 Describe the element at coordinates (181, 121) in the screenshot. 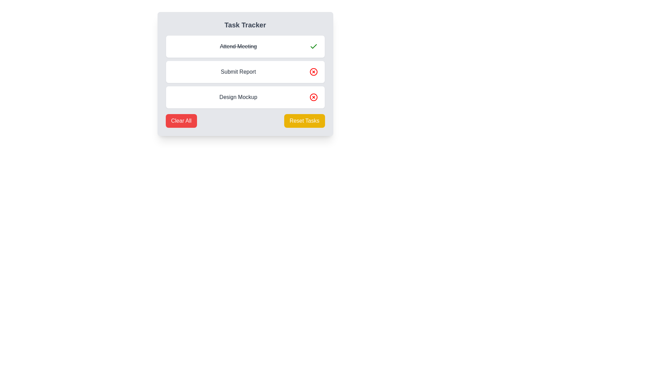

I see `the 'Clear All' button, which has a red background and white text, to change its background color` at that location.